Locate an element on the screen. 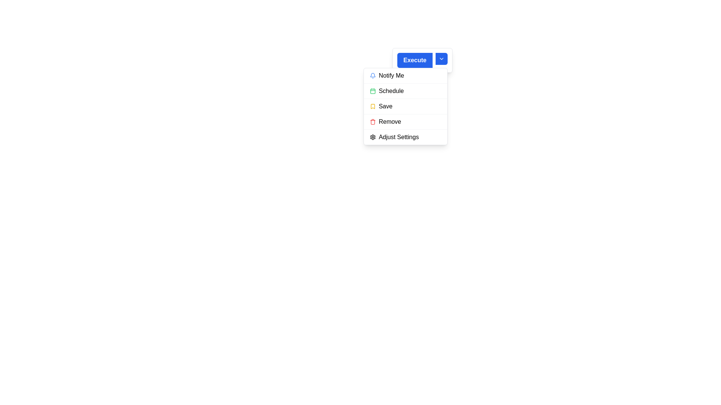  the downward-pointing chevron arrow icon located to the right of the 'Execute' button is located at coordinates (441, 58).